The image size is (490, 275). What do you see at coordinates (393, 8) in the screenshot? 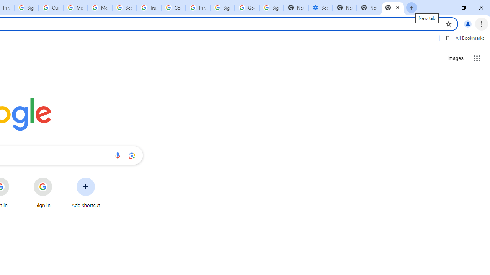
I see `'New Tab'` at bounding box center [393, 8].